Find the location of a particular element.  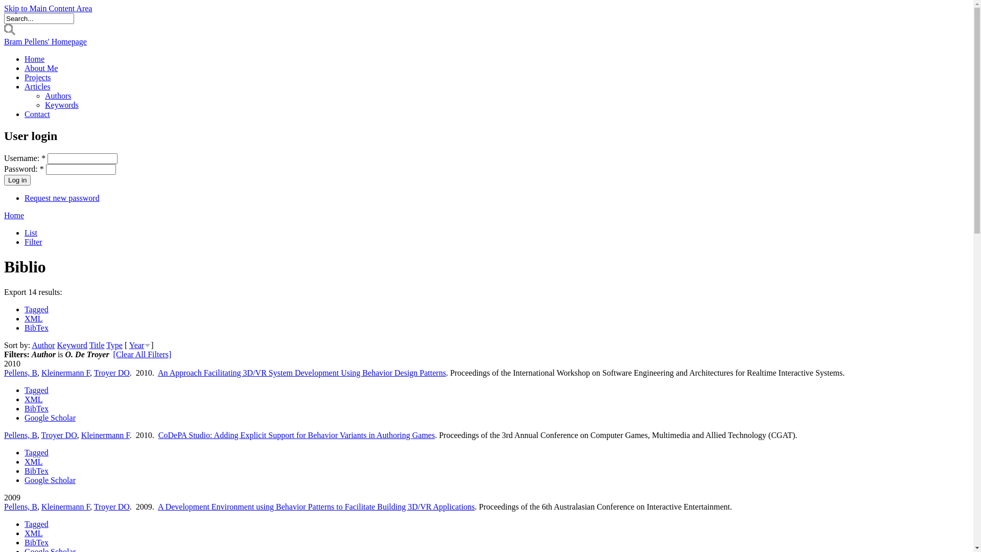

'About Me' is located at coordinates (41, 68).